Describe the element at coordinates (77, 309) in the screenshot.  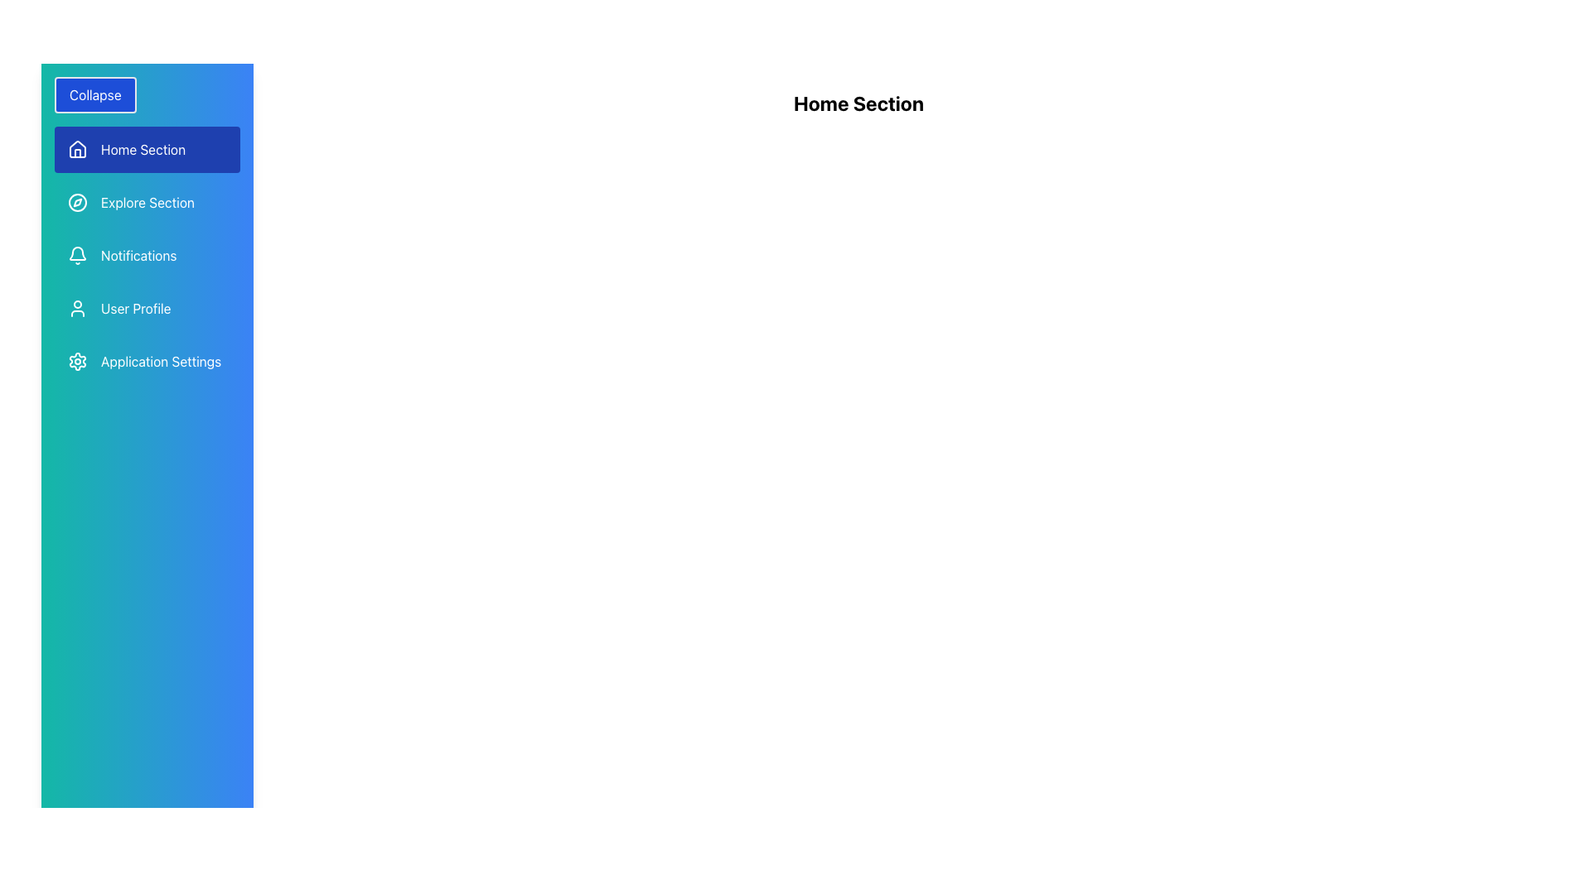
I see `the user profile icon, which is a simple outline design with a circular head and shoulders, located in the sidebar menu to the left of the 'User Profile' label` at that location.